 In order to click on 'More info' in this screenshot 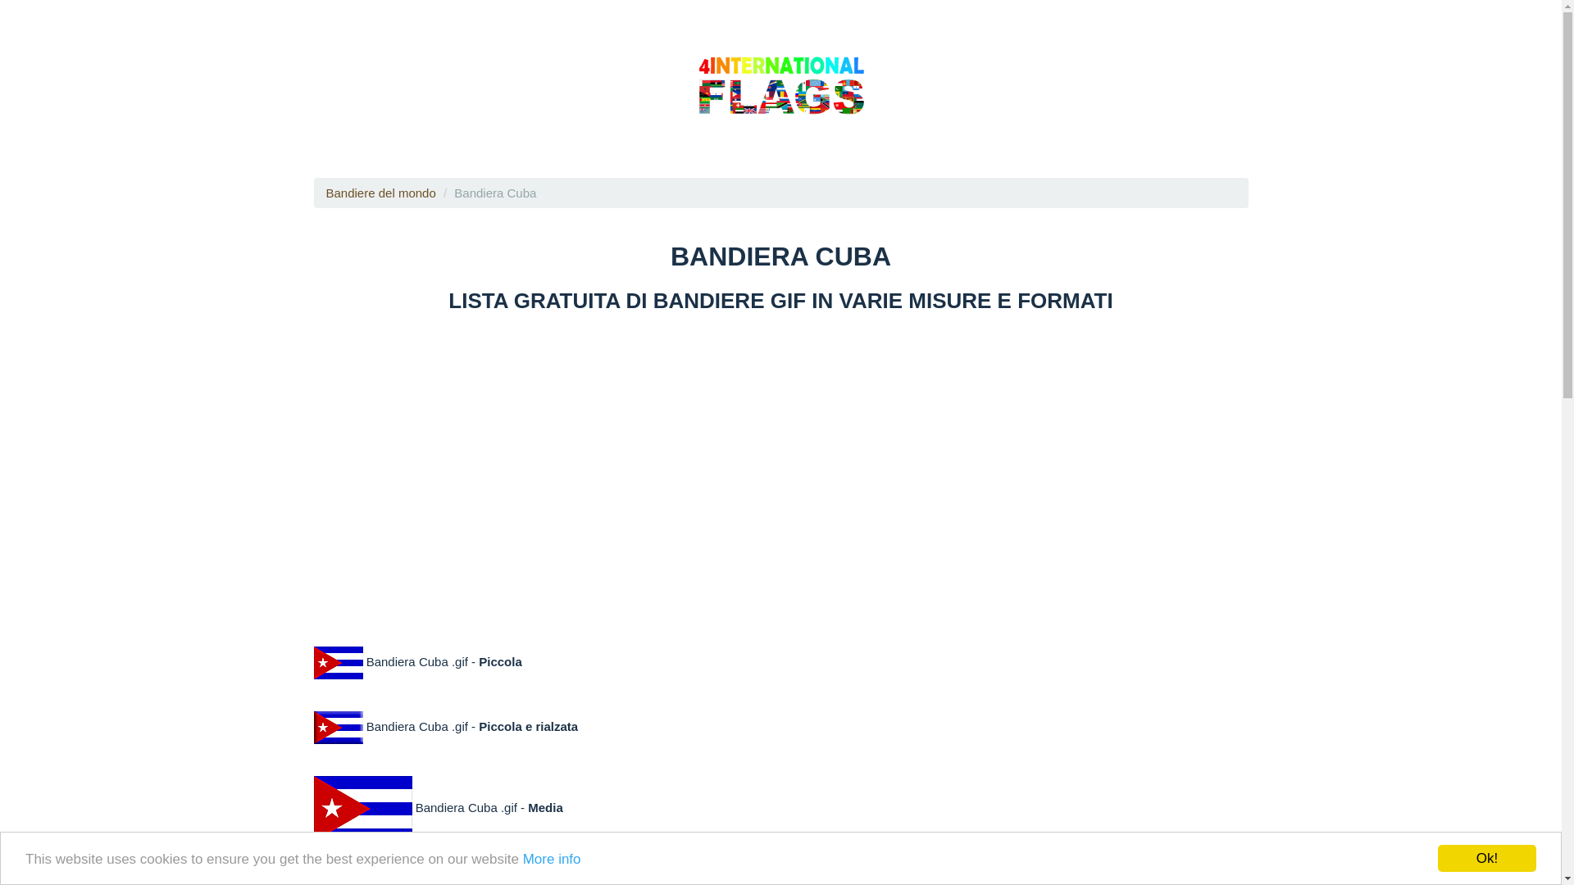, I will do `click(522, 857)`.